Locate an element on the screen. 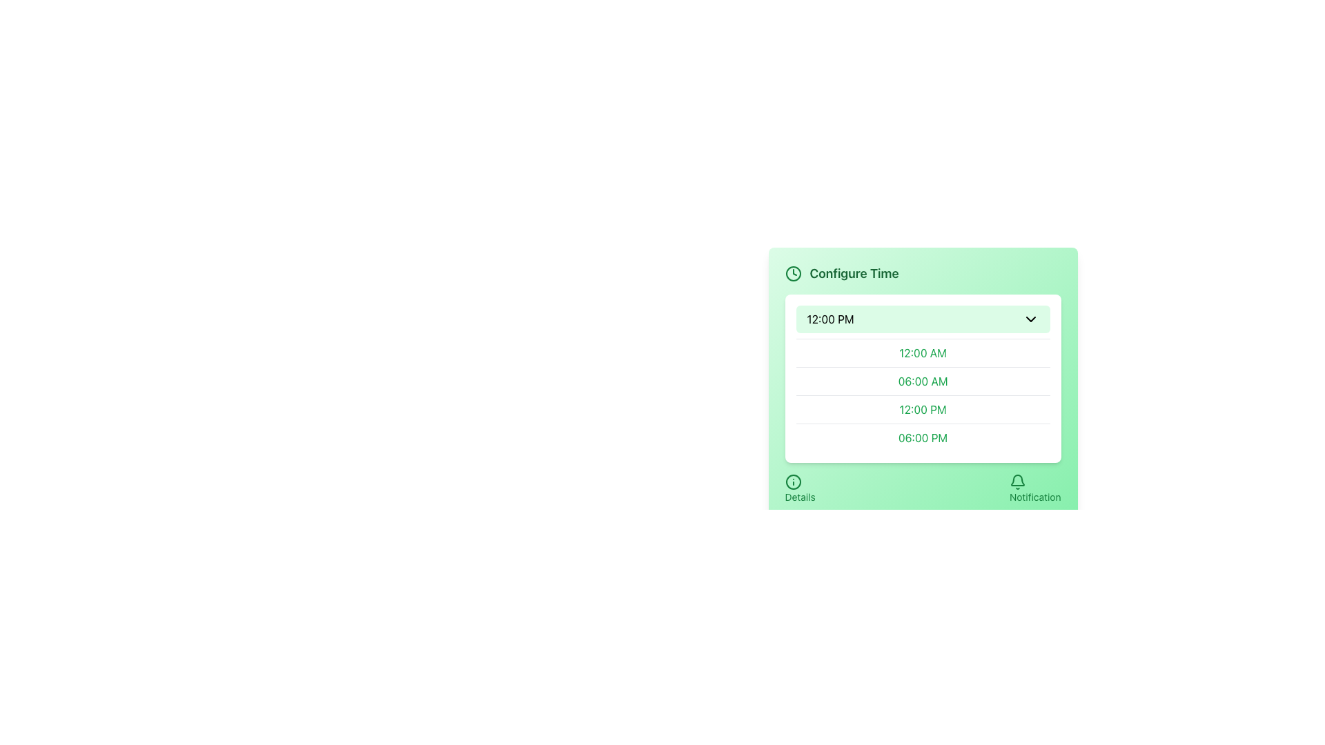  to select the time option '06:00 PM' from the dropdown menu, which is the last item in the list is located at coordinates (923, 437).